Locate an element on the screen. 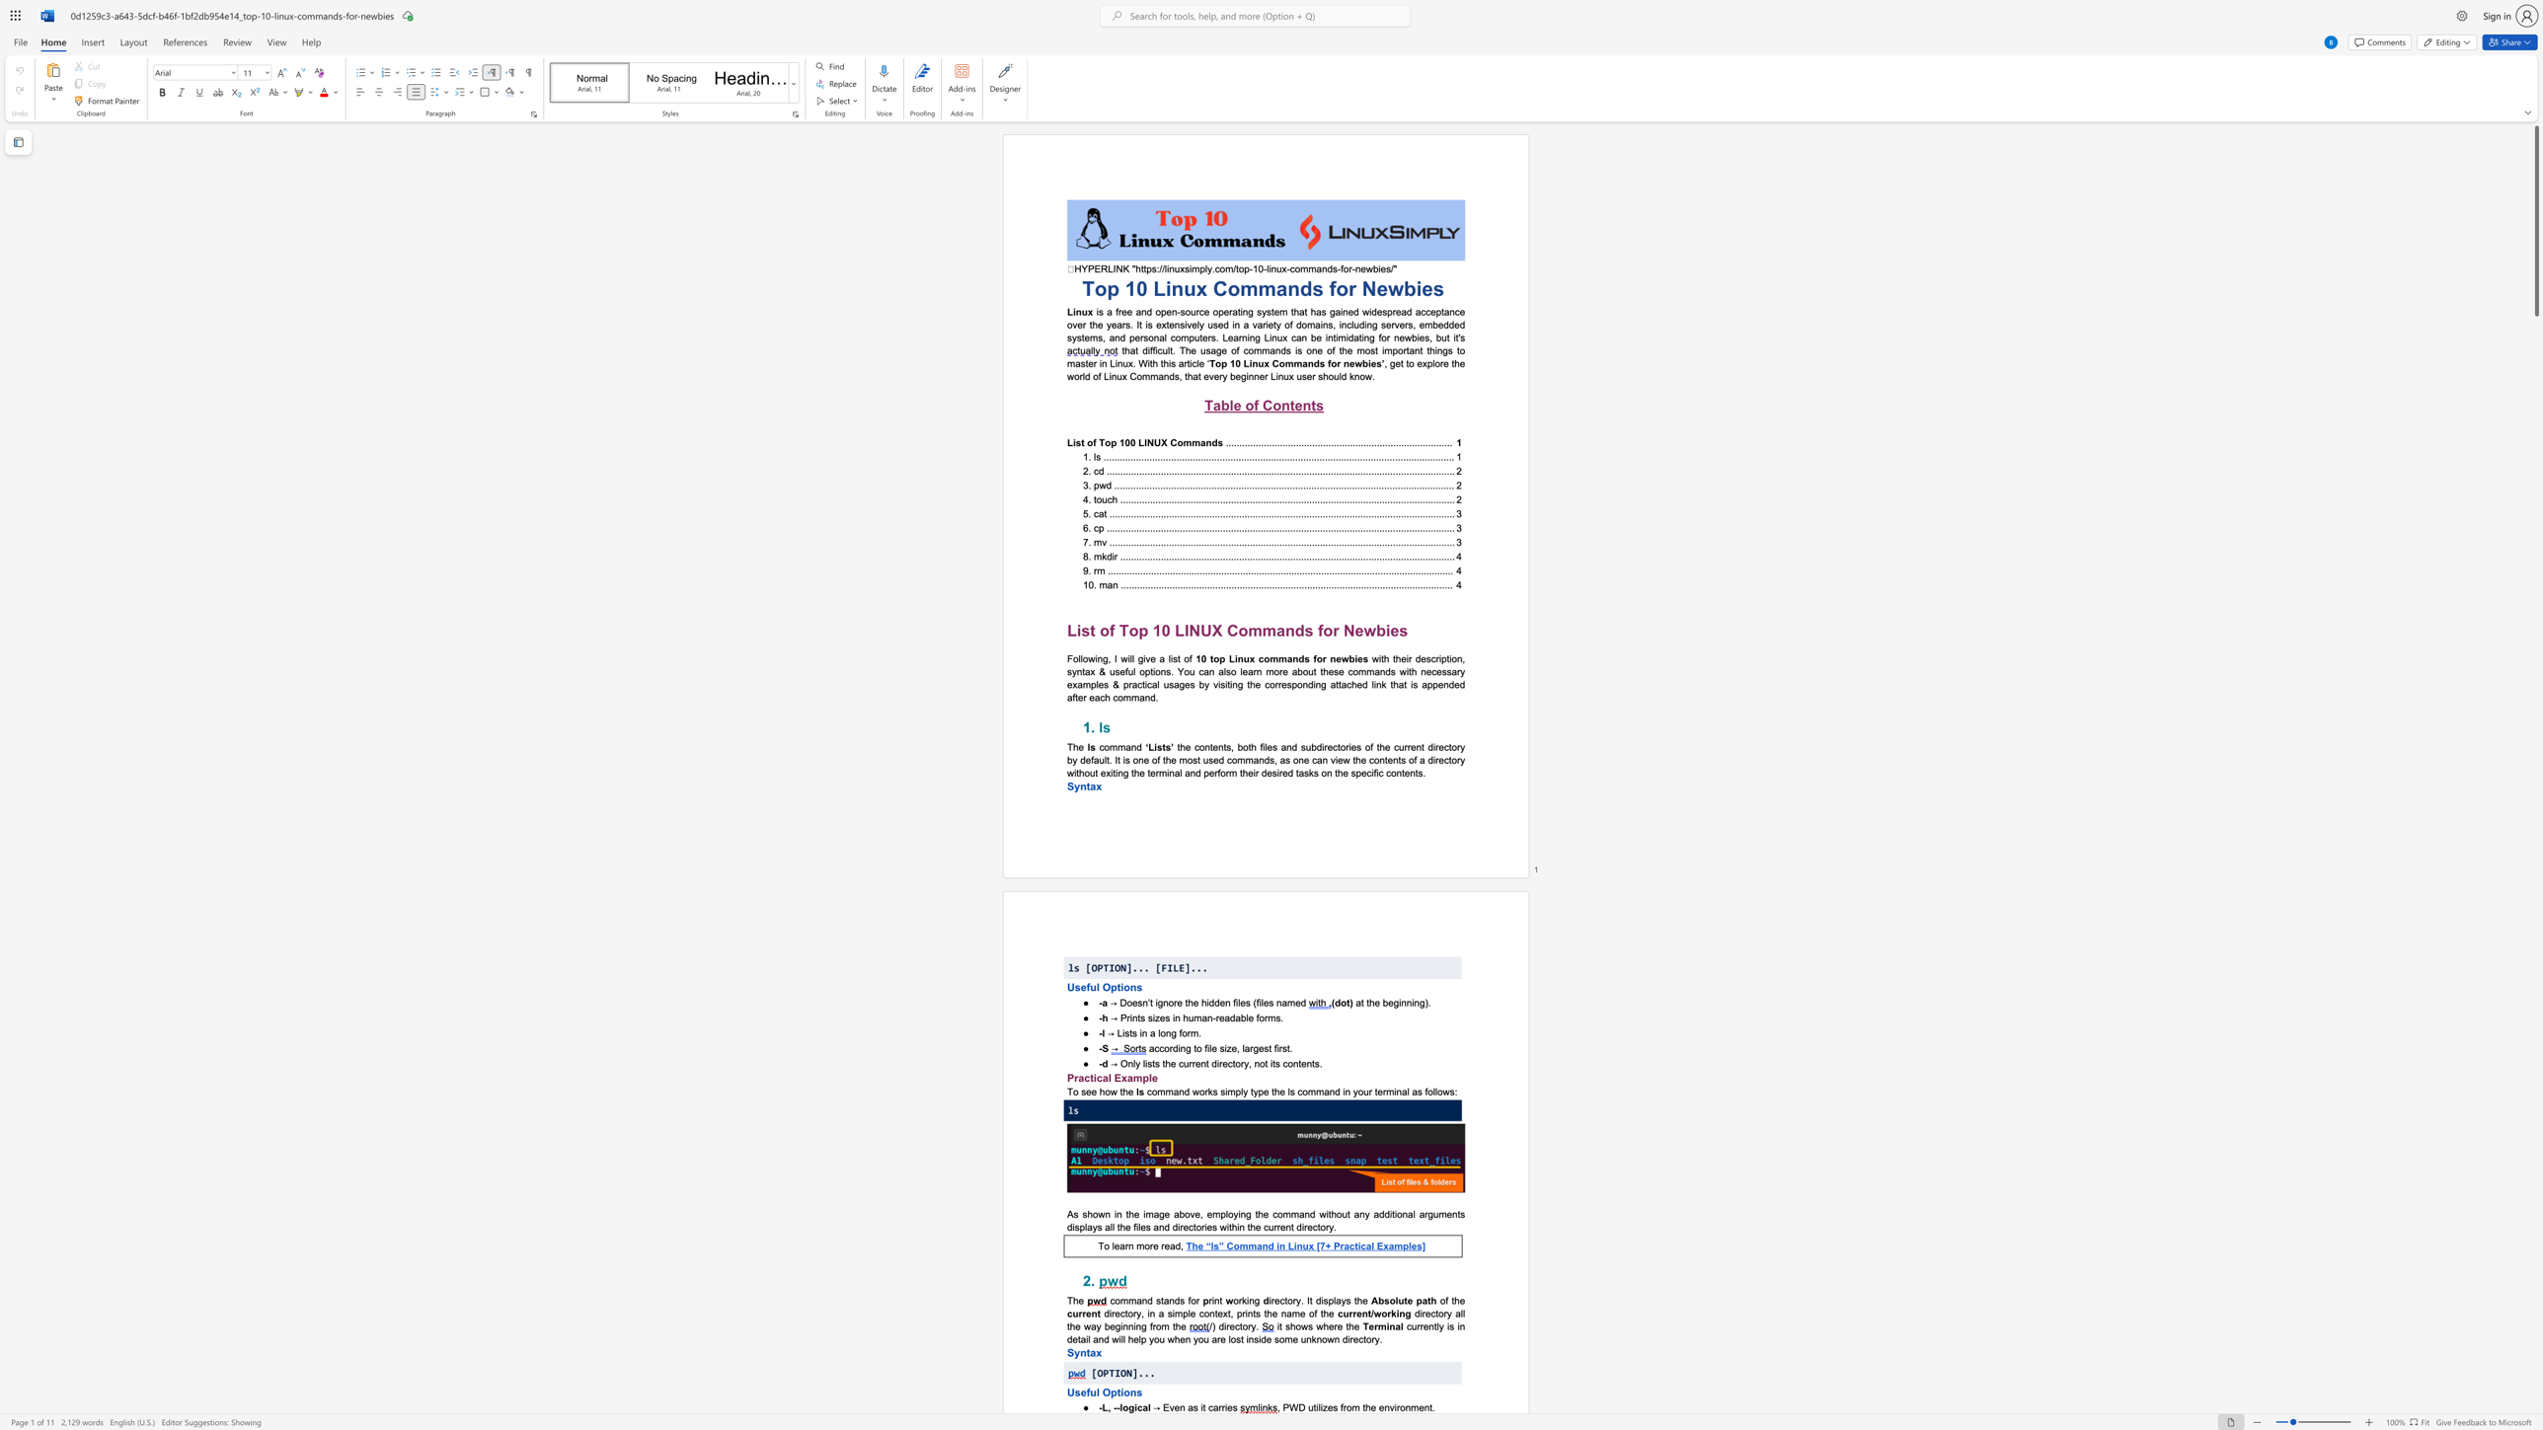 The width and height of the screenshot is (2543, 1430). the subset text "tax & useful options. You can also learn more about these commands with necessary exampl" within the text "with their description, syntax & useful options. You can also learn more about these commands with necessary examples & practical usages by visiting the corresponding attached link that is appended after each command." is located at coordinates (1082, 671).